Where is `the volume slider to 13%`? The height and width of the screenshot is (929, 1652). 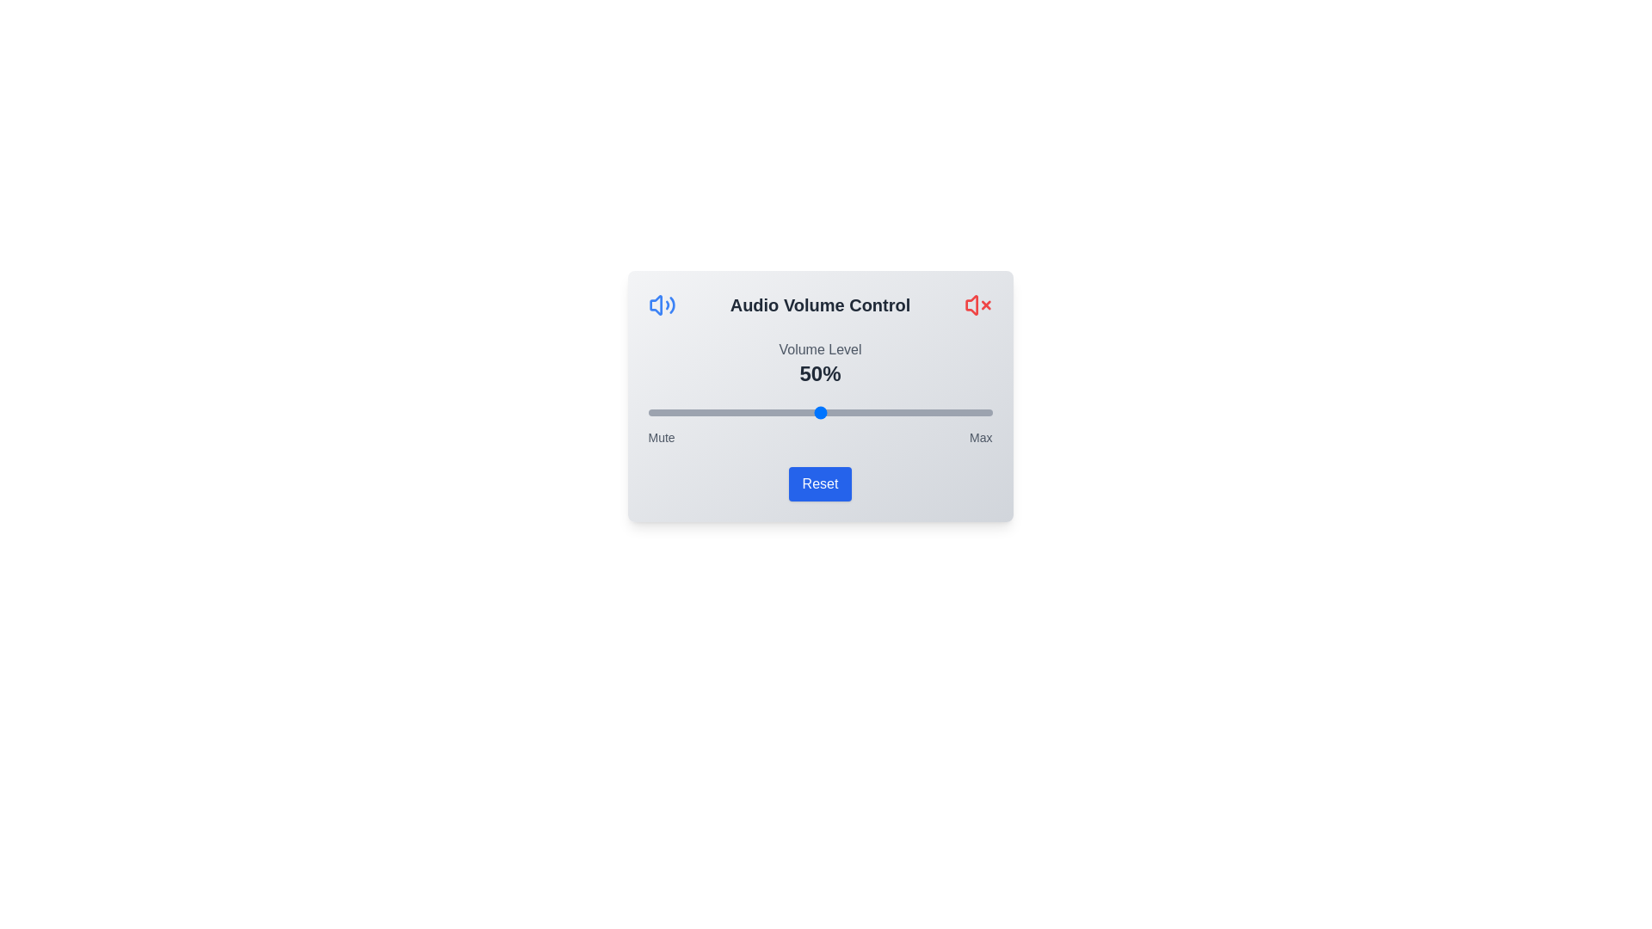 the volume slider to 13% is located at coordinates (693, 412).